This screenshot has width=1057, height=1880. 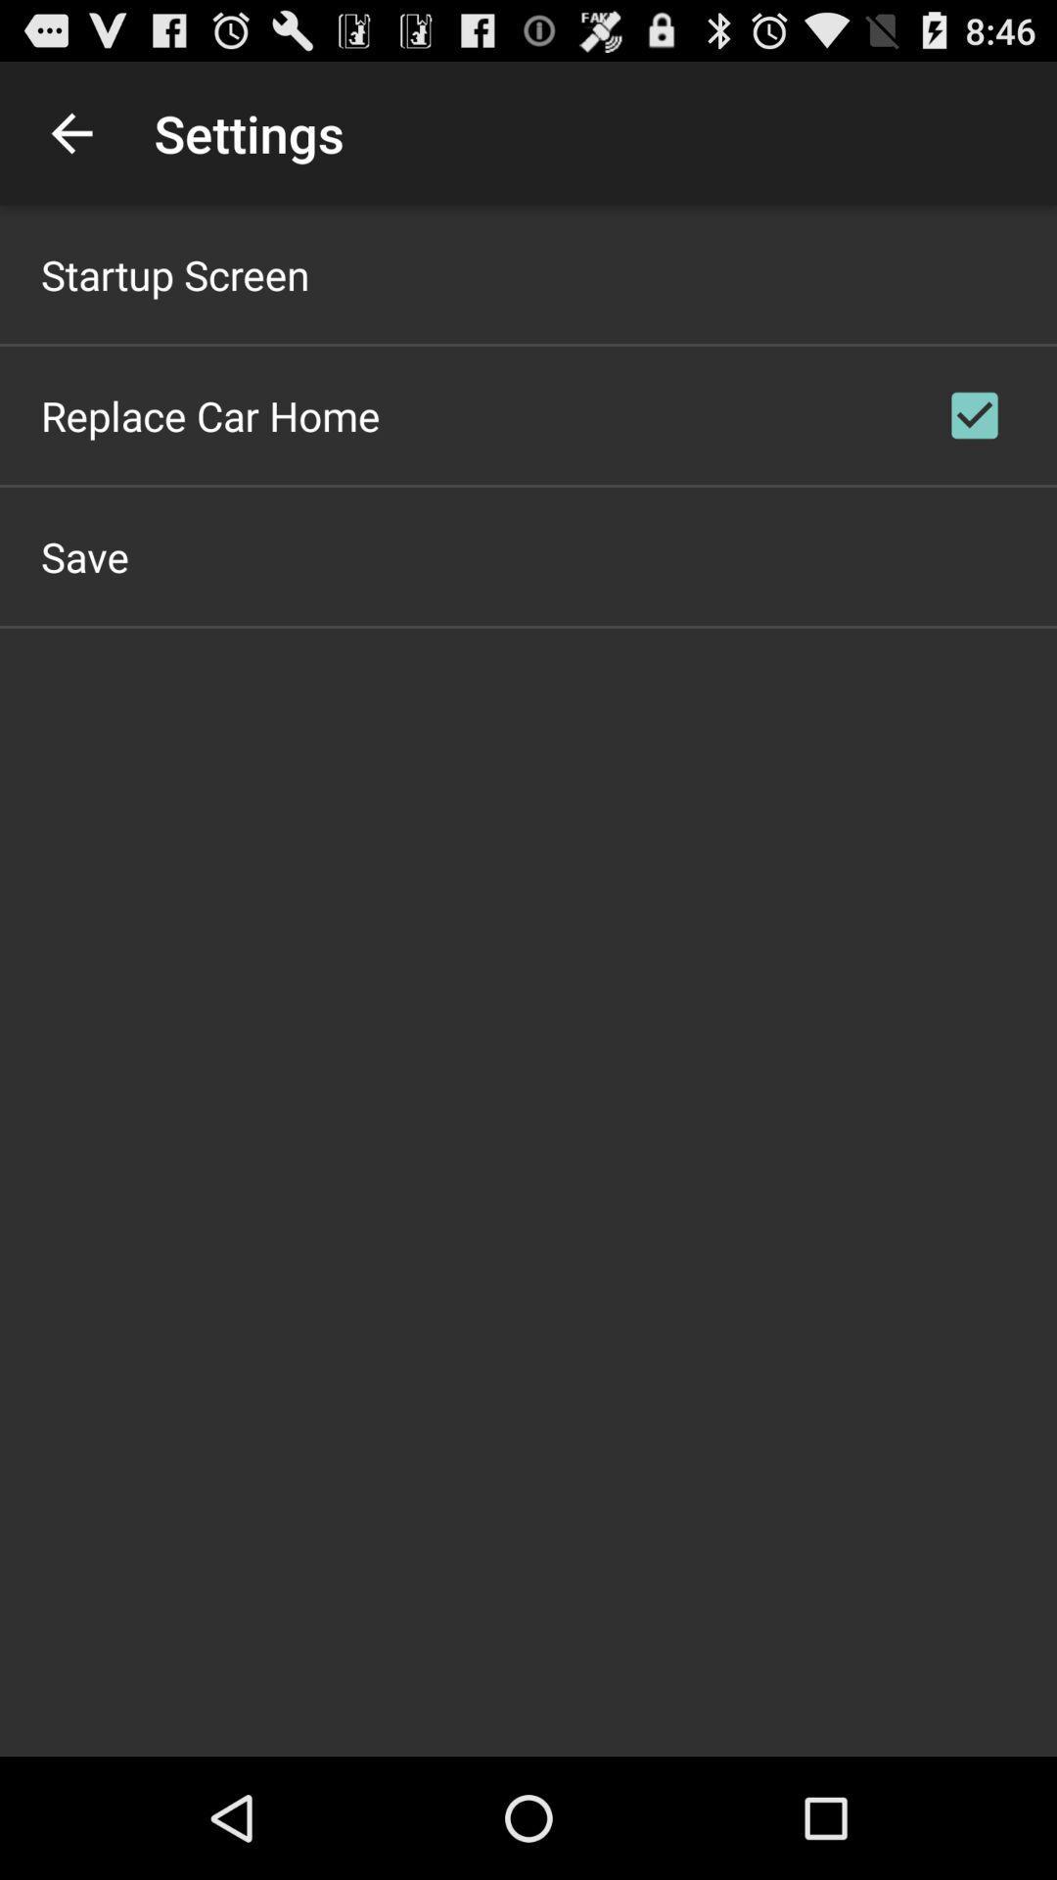 I want to click on the icon to the right of replace car home icon, so click(x=974, y=414).